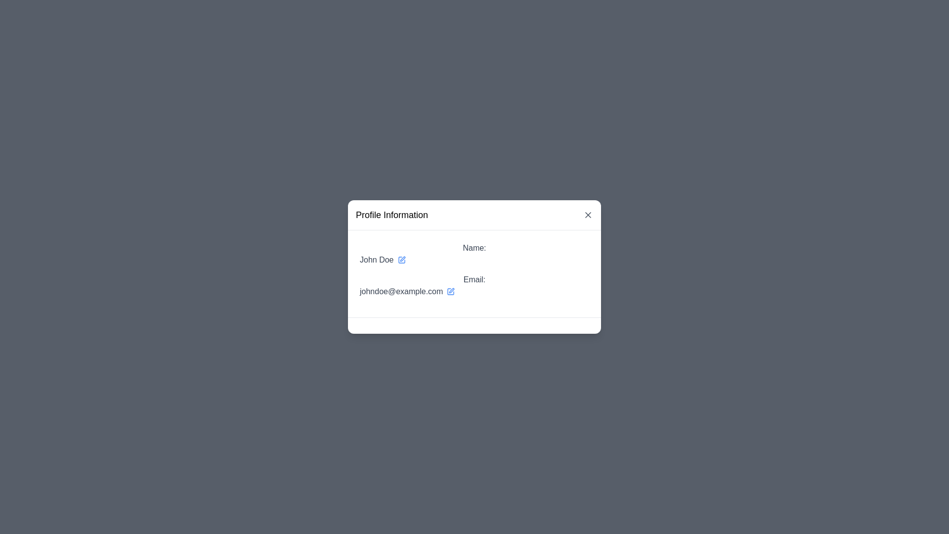  I want to click on the text label displaying 'Email:' which is located above the email address 'johndoe@example.com', so click(474, 280).